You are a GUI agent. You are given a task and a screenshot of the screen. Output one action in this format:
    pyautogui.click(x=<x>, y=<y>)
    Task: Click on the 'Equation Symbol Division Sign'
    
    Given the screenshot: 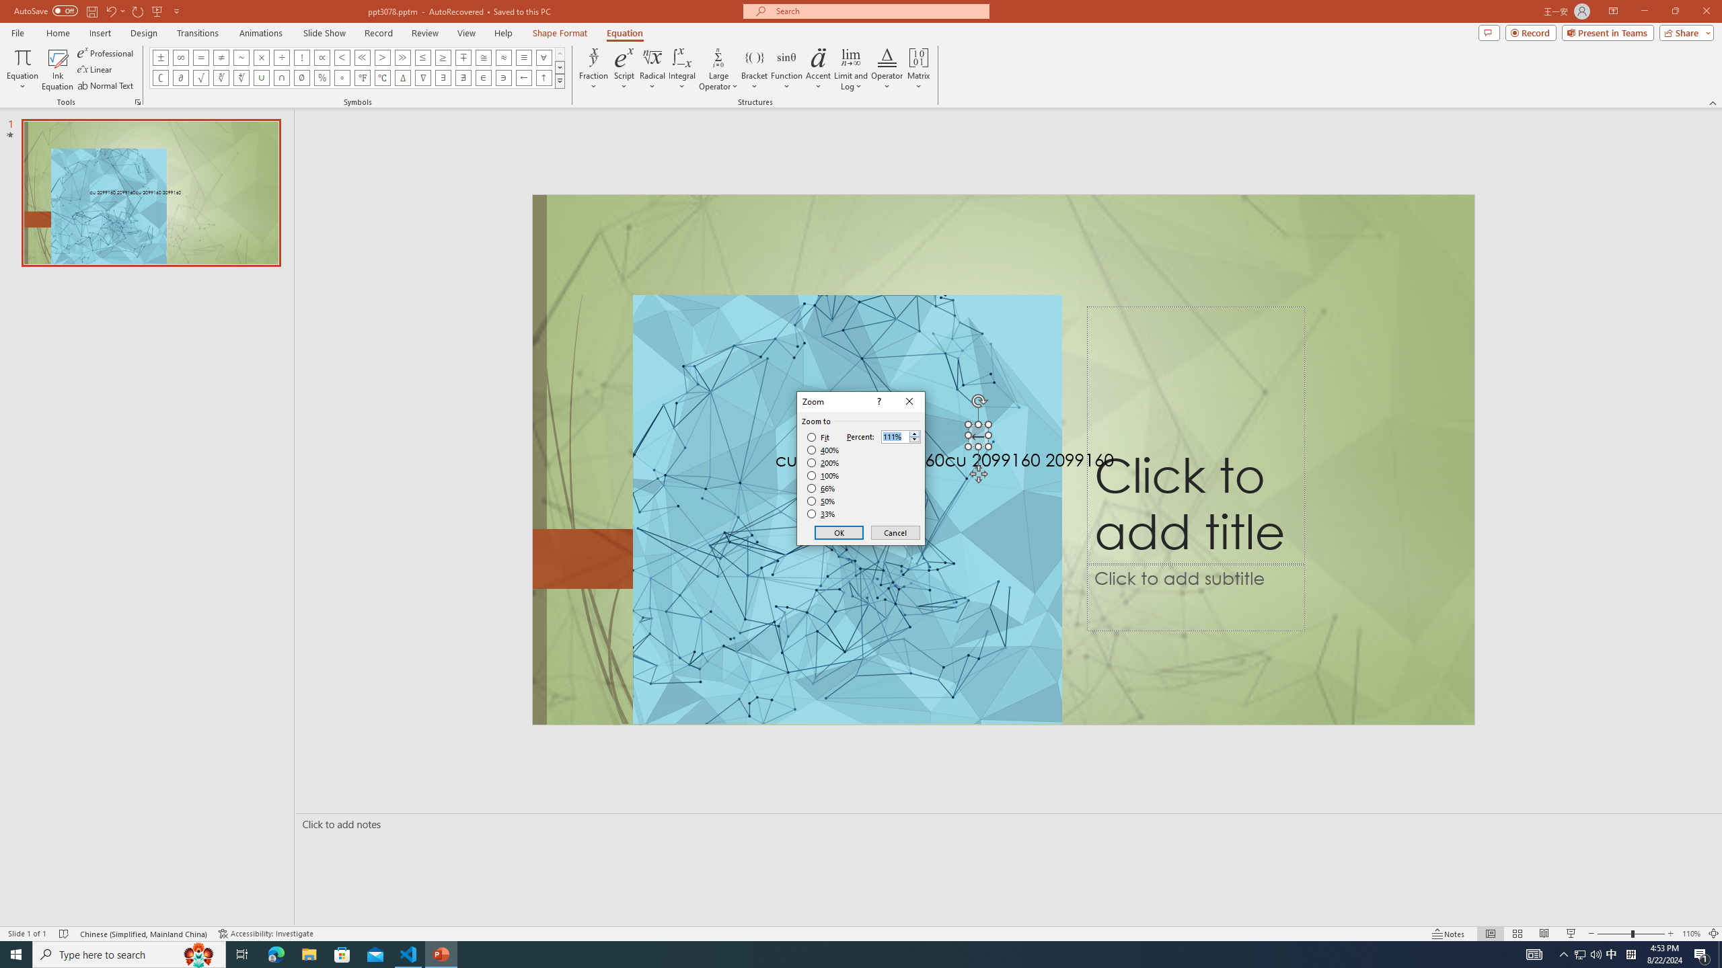 What is the action you would take?
    pyautogui.click(x=282, y=56)
    